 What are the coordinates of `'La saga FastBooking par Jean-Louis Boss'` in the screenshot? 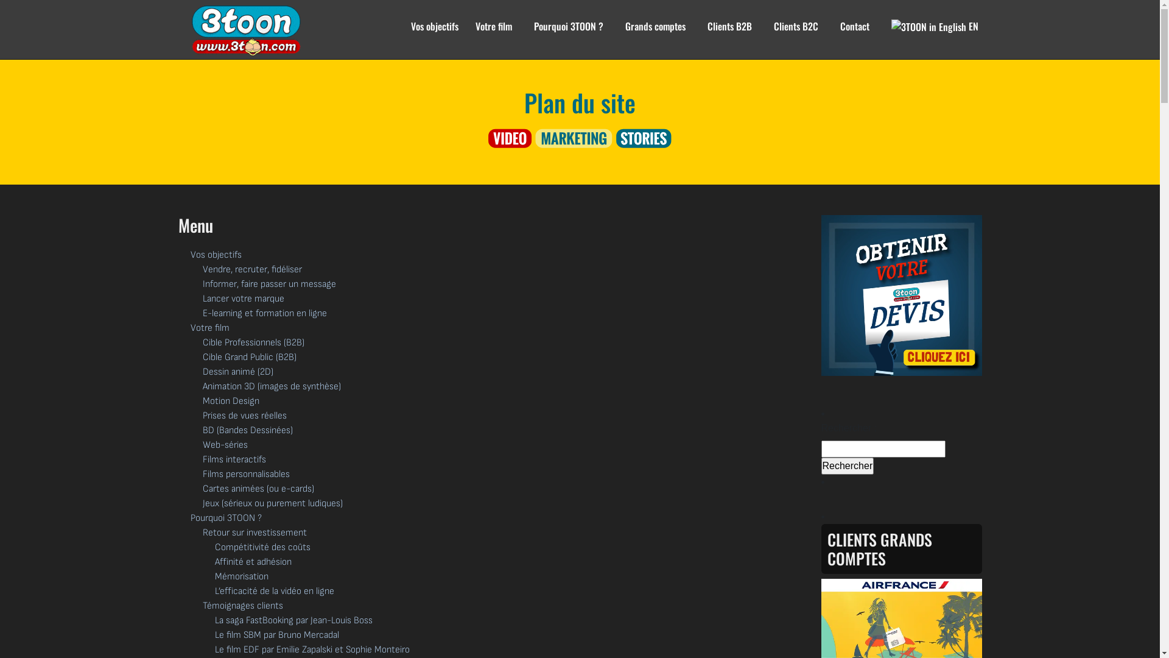 It's located at (293, 620).